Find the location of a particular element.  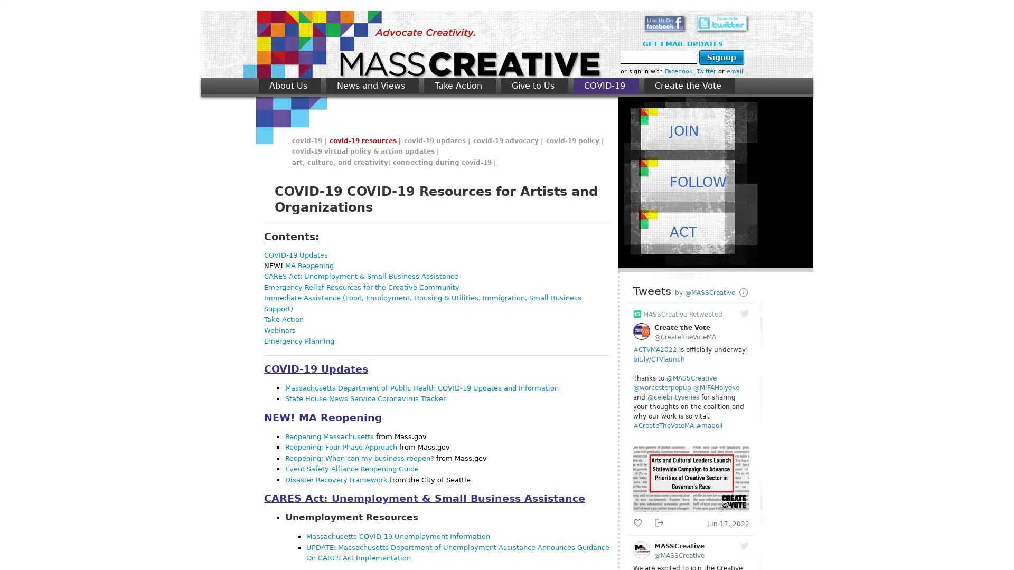

Signup is located at coordinates (721, 57).